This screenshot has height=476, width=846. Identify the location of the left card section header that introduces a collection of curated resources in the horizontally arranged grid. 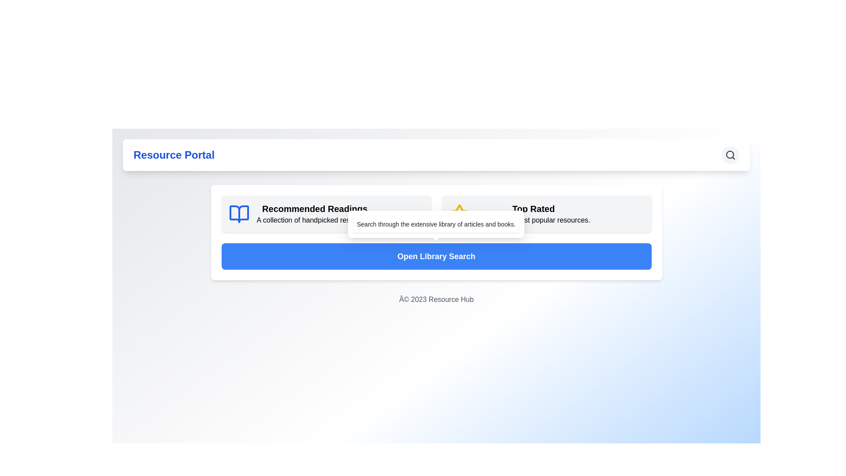
(326, 214).